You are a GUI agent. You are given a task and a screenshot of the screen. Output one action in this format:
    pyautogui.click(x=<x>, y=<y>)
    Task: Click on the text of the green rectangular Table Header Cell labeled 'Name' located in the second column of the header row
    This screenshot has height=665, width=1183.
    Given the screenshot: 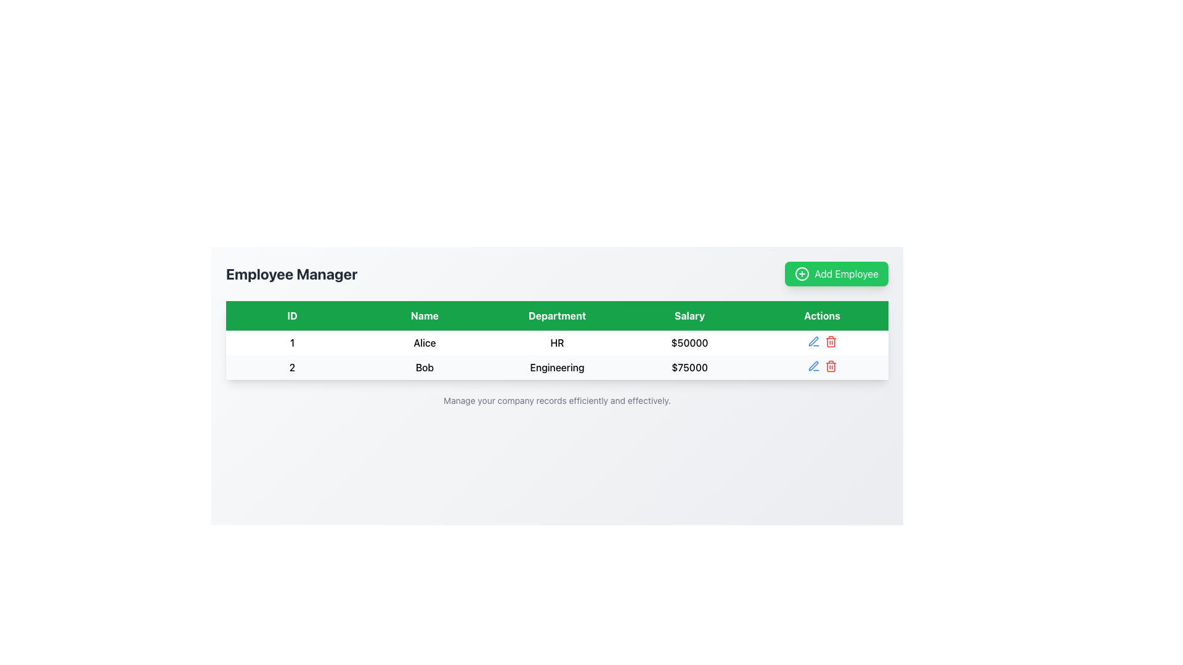 What is the action you would take?
    pyautogui.click(x=425, y=315)
    